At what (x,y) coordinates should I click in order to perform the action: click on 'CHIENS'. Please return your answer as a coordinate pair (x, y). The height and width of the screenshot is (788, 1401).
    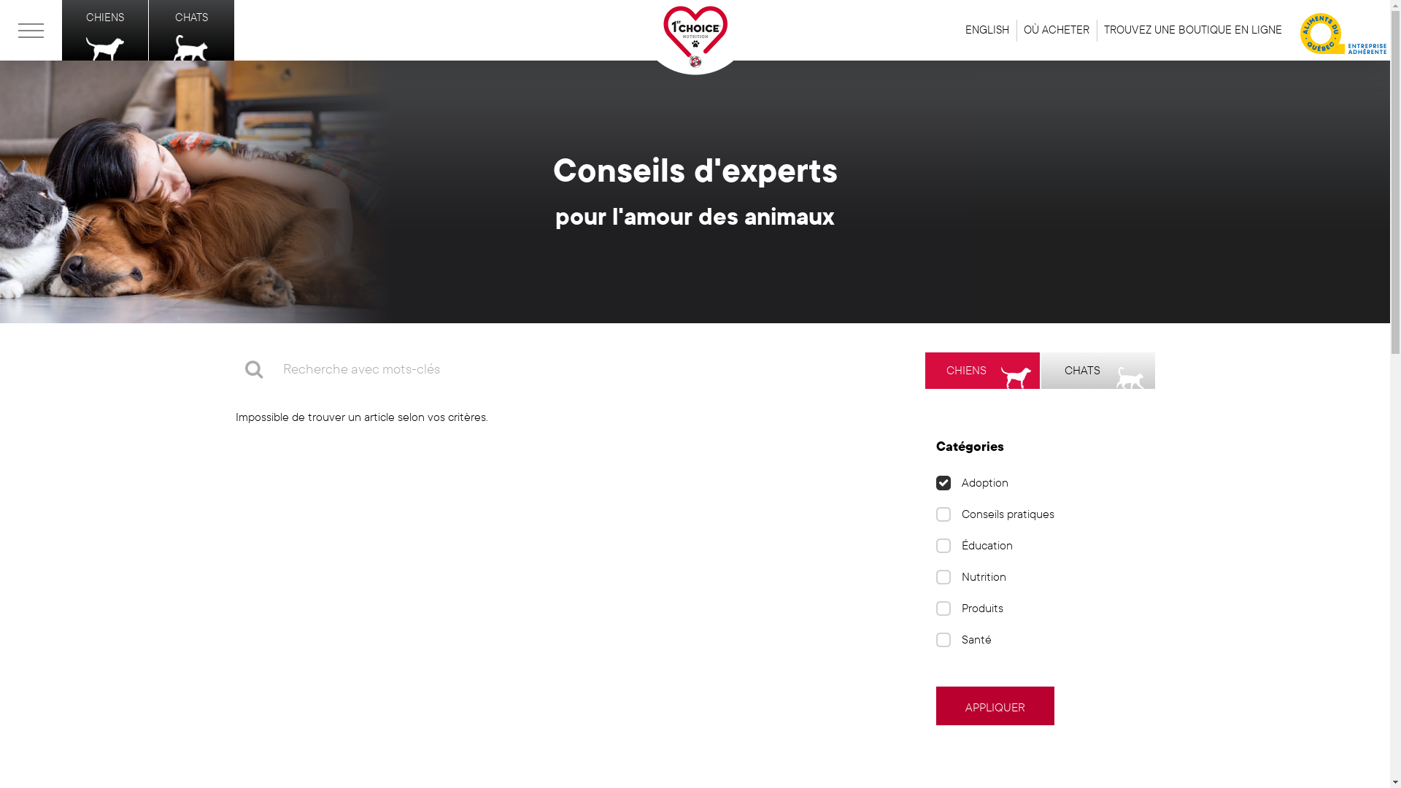
    Looking at the image, I should click on (104, 30).